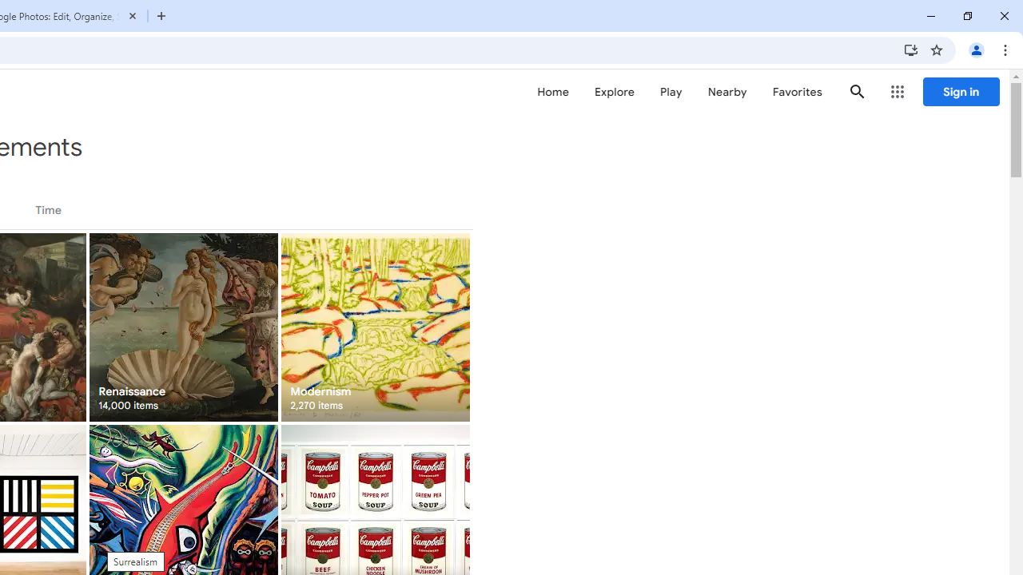  I want to click on 'Favorites', so click(797, 92).